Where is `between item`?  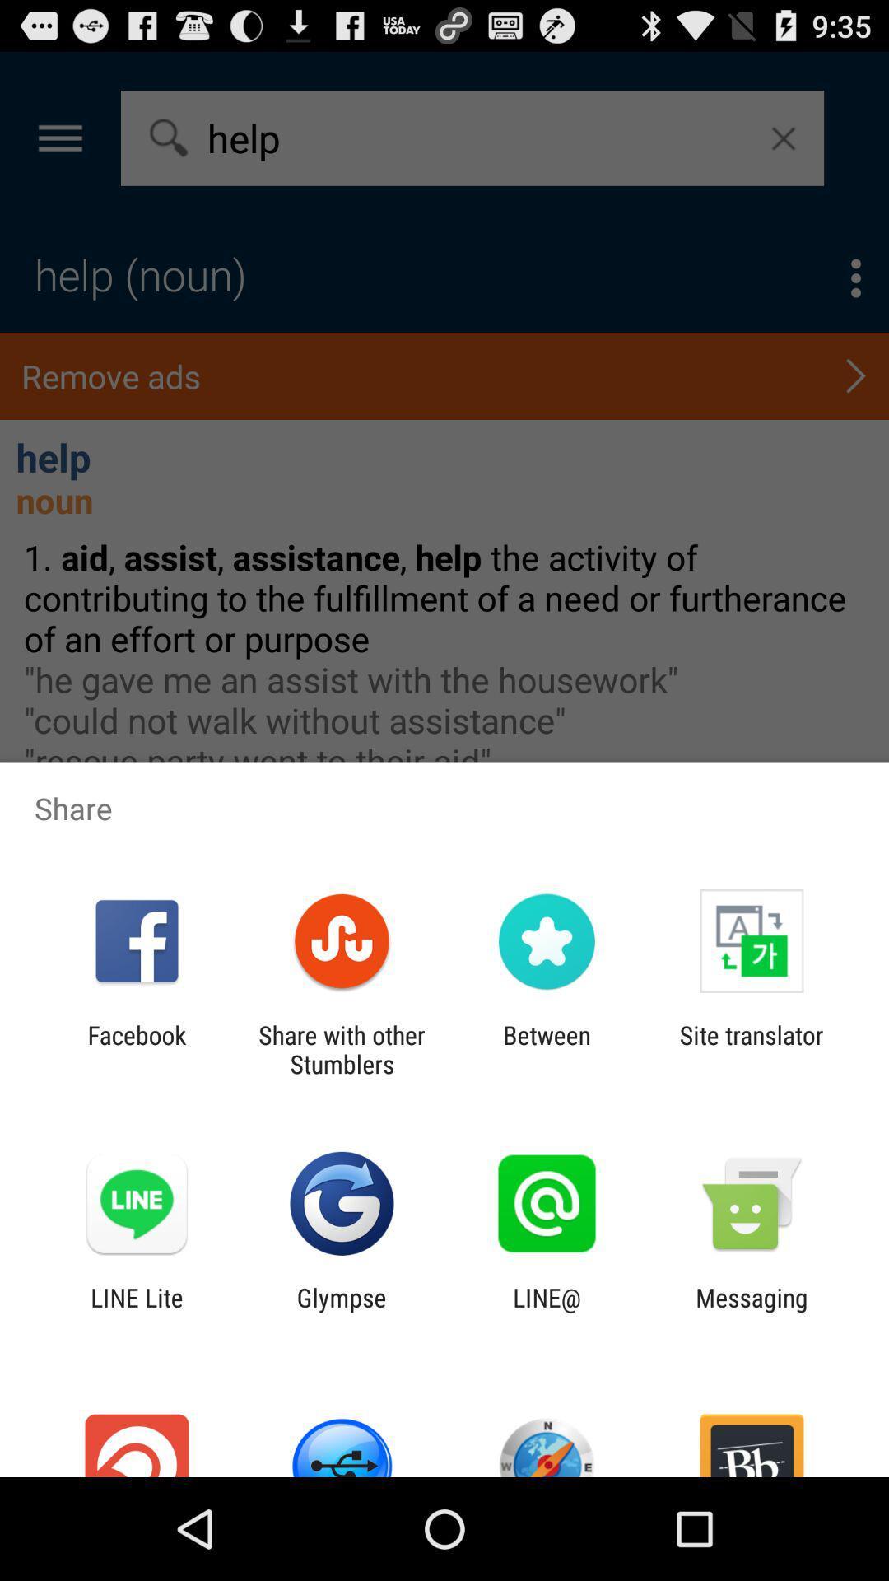 between item is located at coordinates (547, 1049).